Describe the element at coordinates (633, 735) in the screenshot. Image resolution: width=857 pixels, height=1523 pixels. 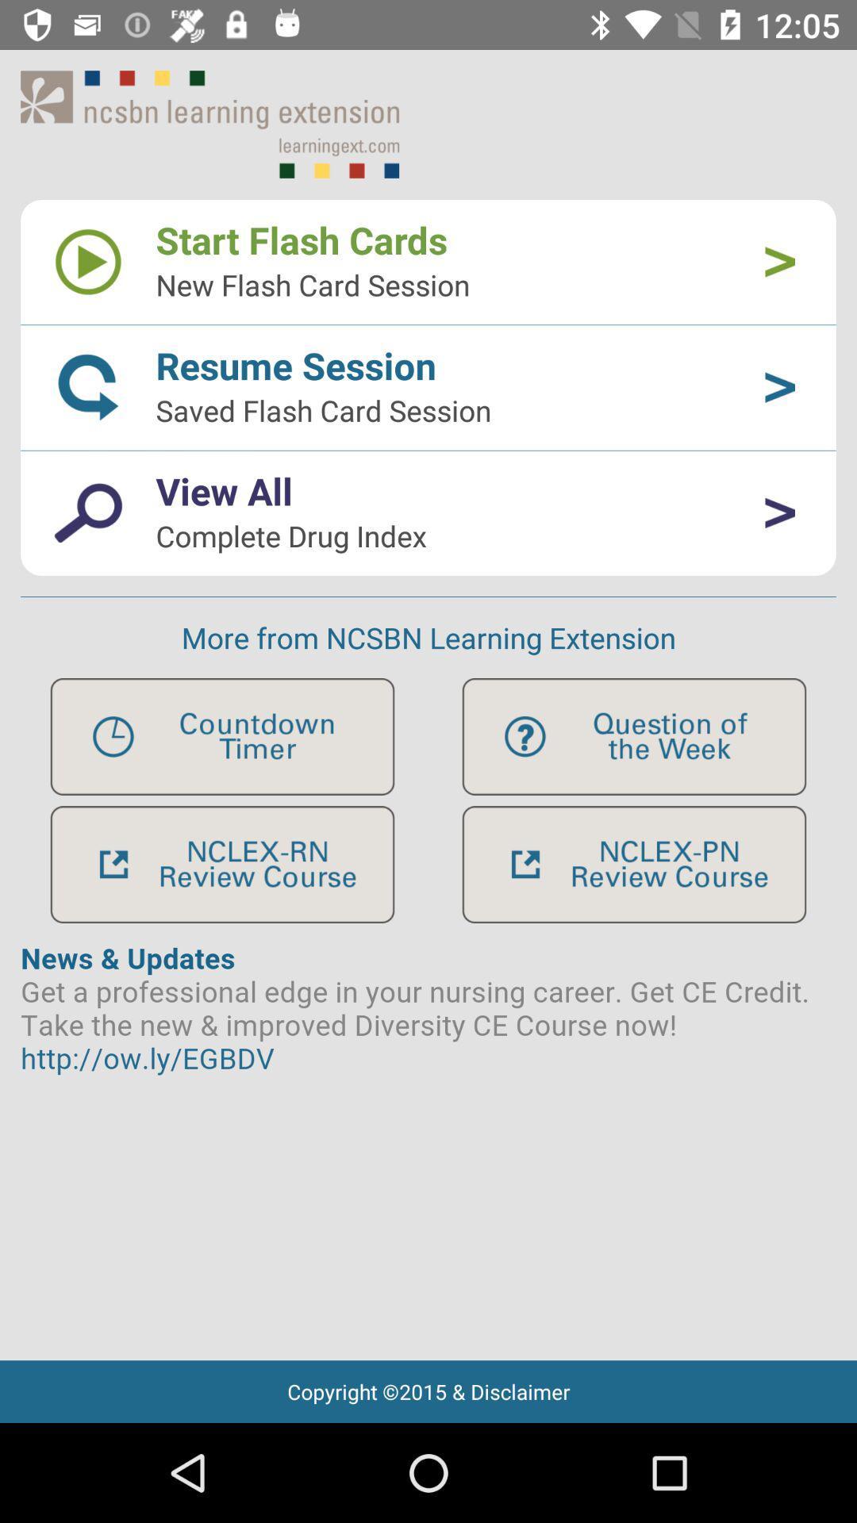
I see `app function icon` at that location.